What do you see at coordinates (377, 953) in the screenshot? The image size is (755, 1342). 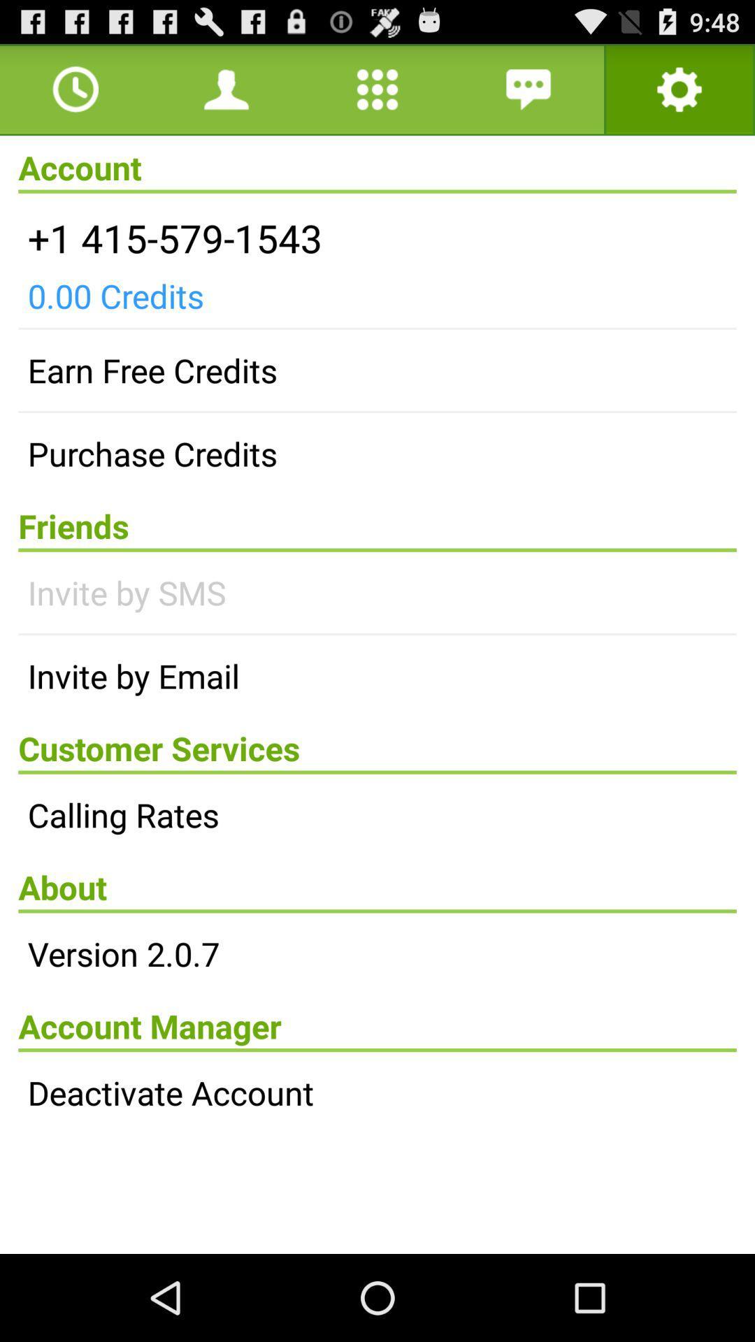 I see `the item above account manager` at bounding box center [377, 953].